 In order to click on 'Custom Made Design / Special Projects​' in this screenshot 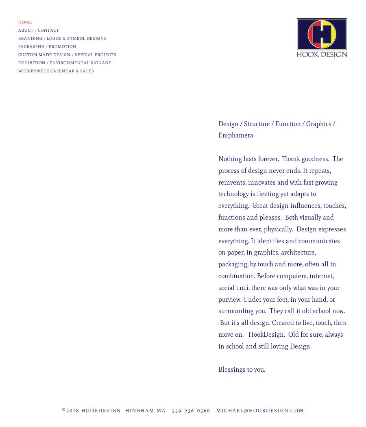, I will do `click(67, 54)`.